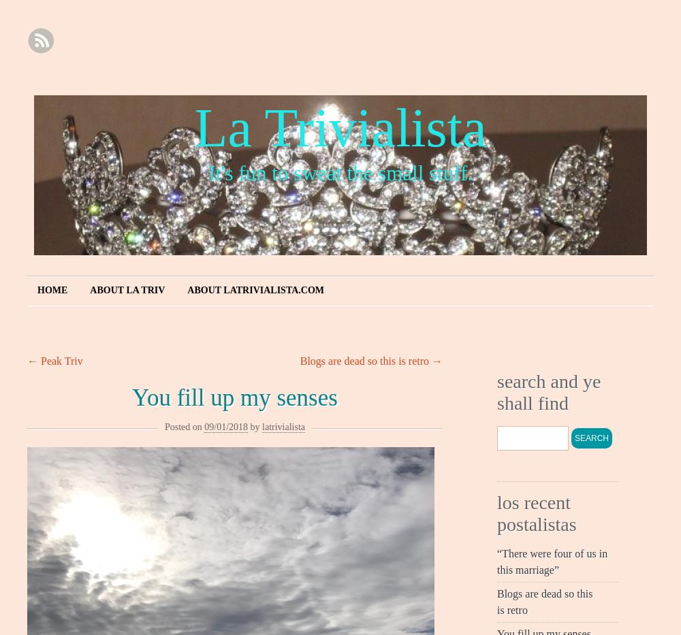  Describe the element at coordinates (249, 425) in the screenshot. I see `'by'` at that location.